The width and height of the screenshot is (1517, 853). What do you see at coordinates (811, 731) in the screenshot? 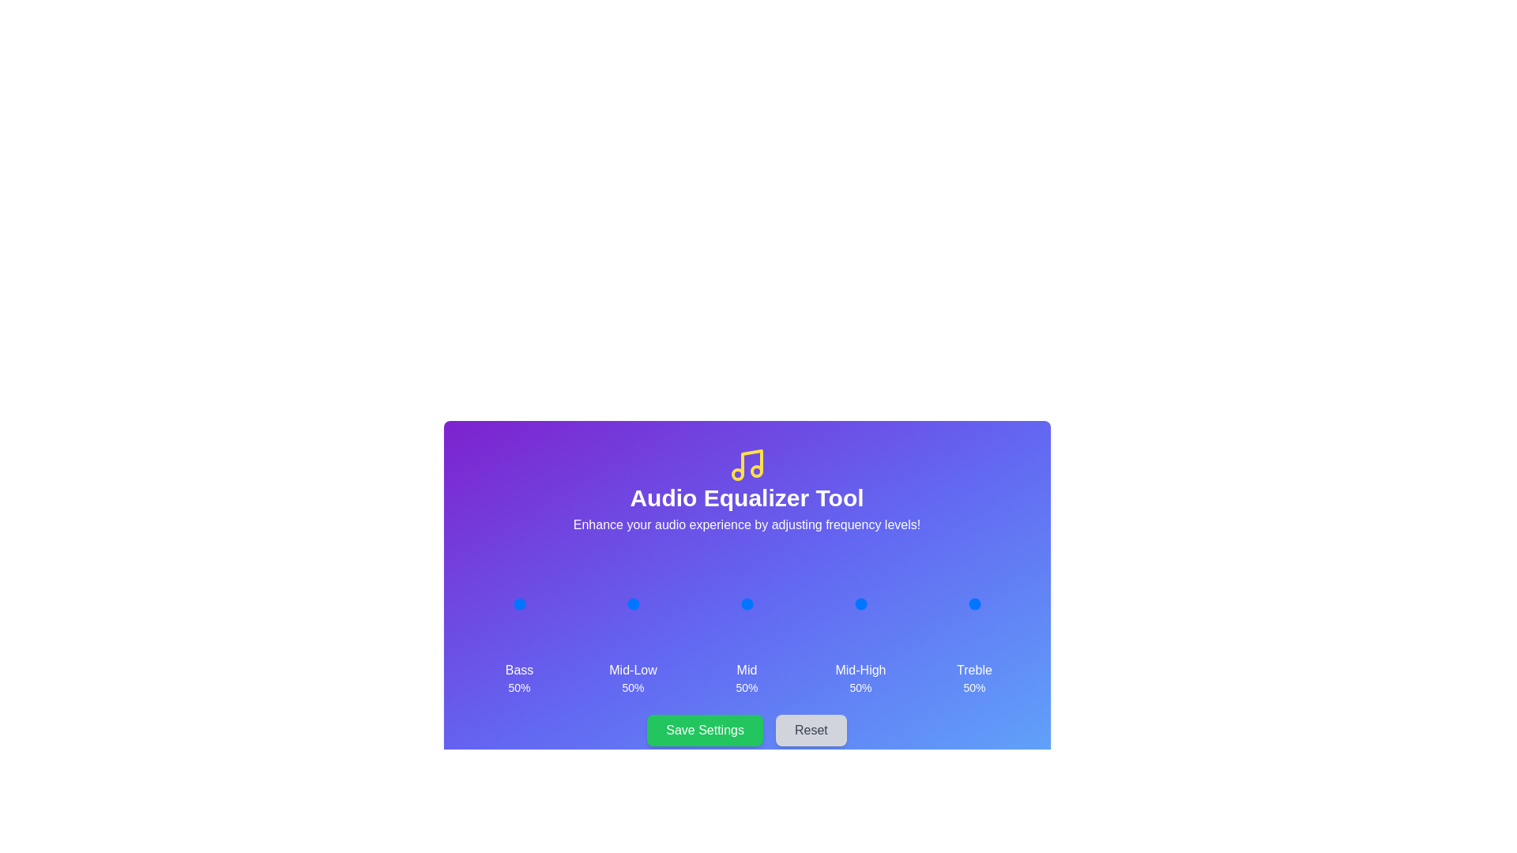
I see `the Reset Button to observe hover effects` at bounding box center [811, 731].